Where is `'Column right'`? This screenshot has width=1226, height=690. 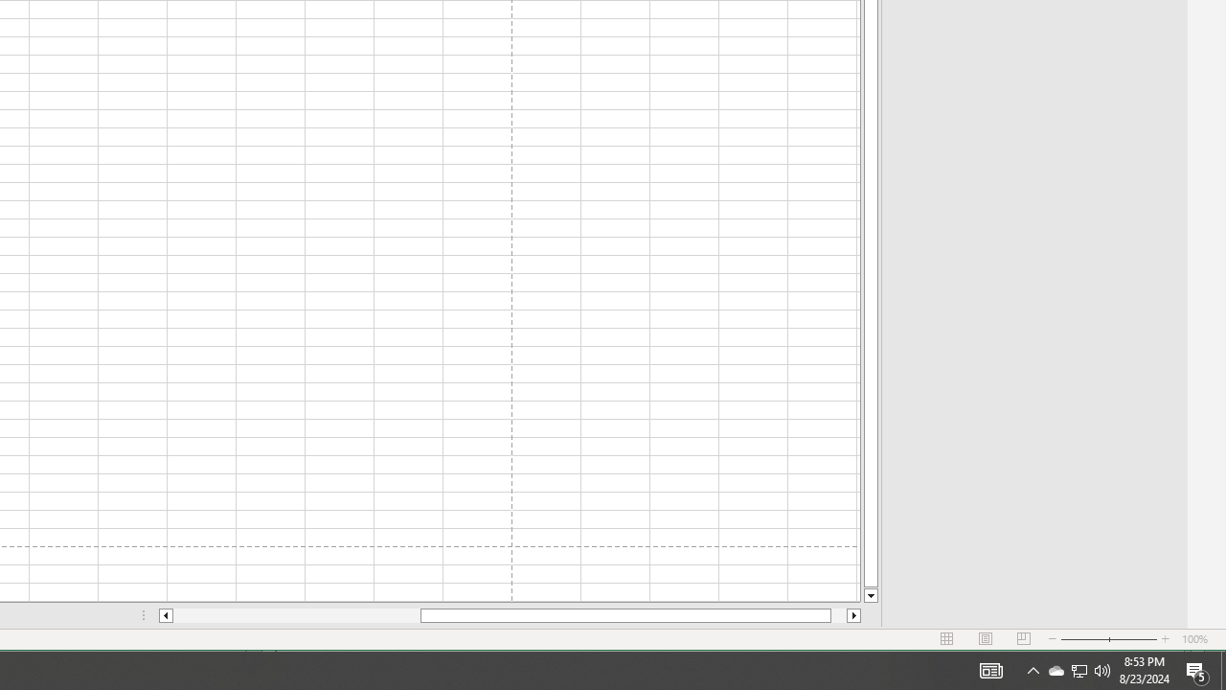 'Column right' is located at coordinates (853, 615).